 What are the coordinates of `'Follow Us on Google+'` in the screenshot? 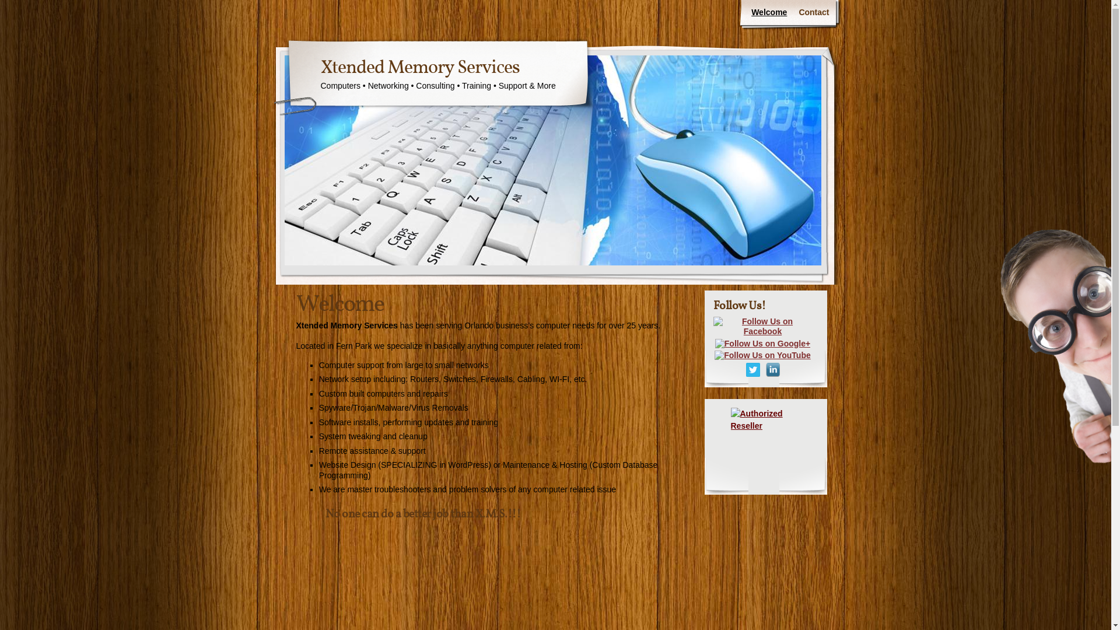 It's located at (762, 343).